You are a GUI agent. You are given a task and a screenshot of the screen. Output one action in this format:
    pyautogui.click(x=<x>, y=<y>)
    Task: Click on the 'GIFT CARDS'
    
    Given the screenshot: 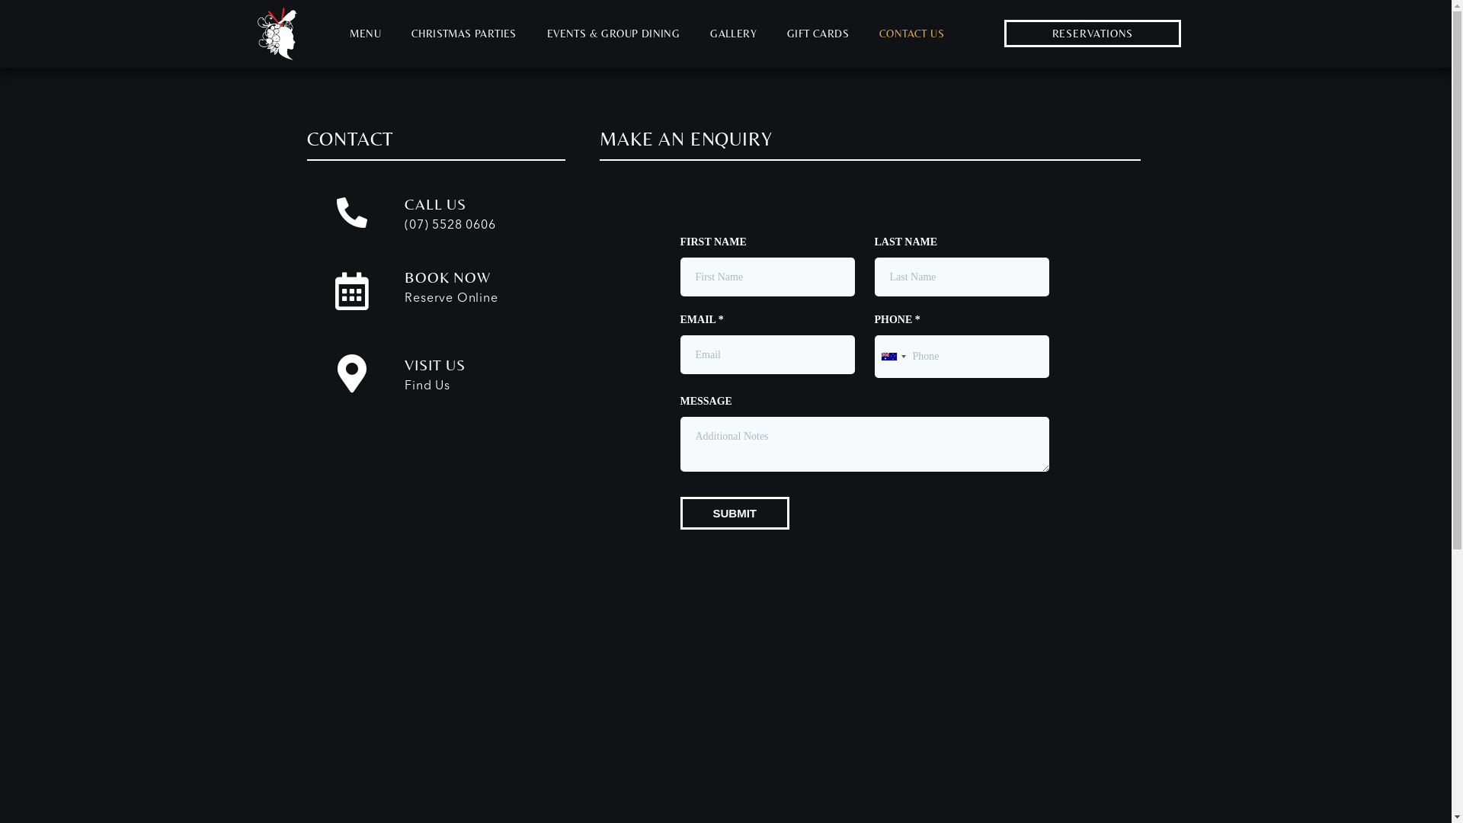 What is the action you would take?
    pyautogui.click(x=817, y=33)
    